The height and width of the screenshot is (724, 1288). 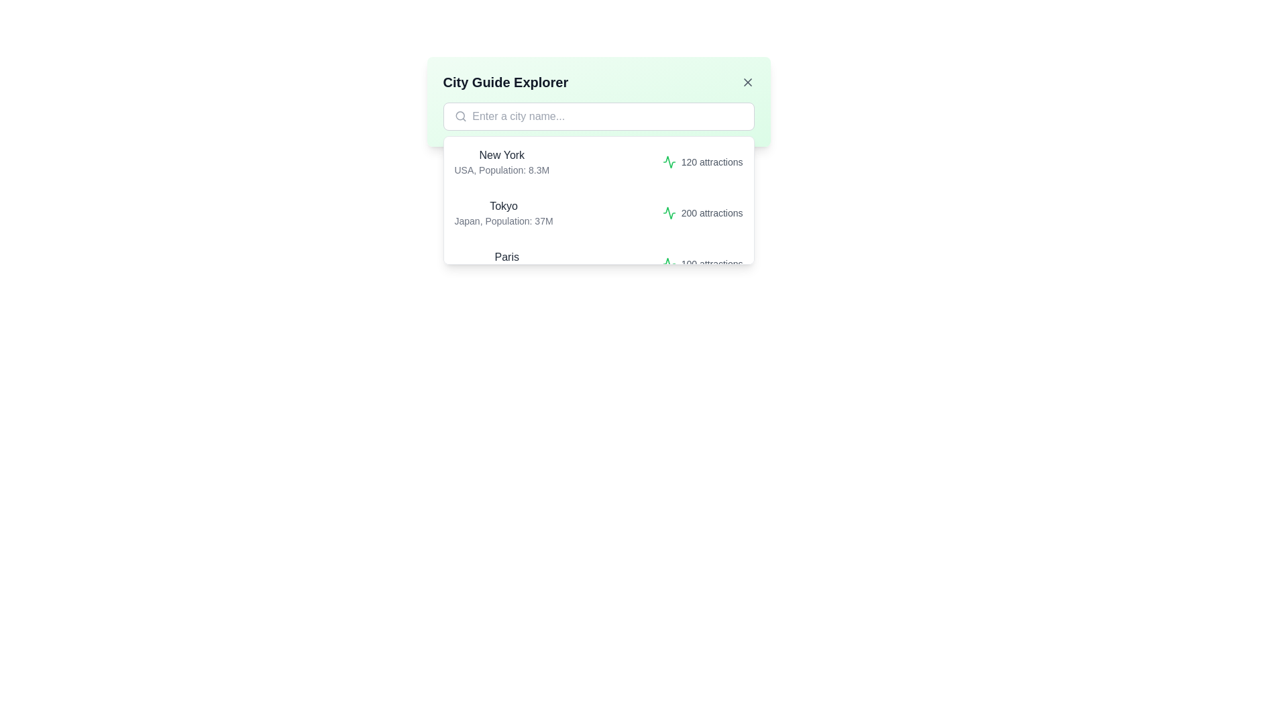 I want to click on number of attractions displayed in the text label next to the green icon for 'New York' in the list, so click(x=702, y=162).